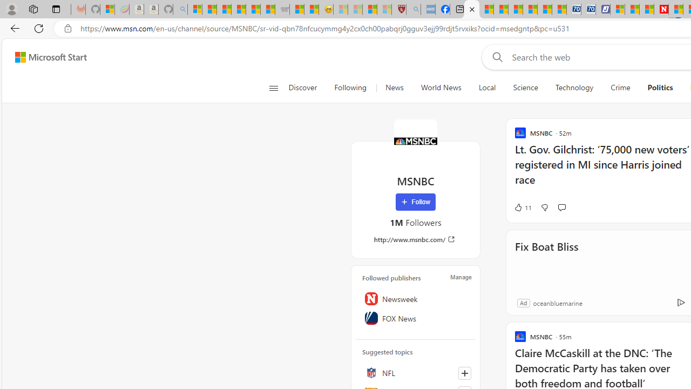 The height and width of the screenshot is (389, 691). I want to click on 'Microsoft-Report a Concern to Bing', so click(107, 9).